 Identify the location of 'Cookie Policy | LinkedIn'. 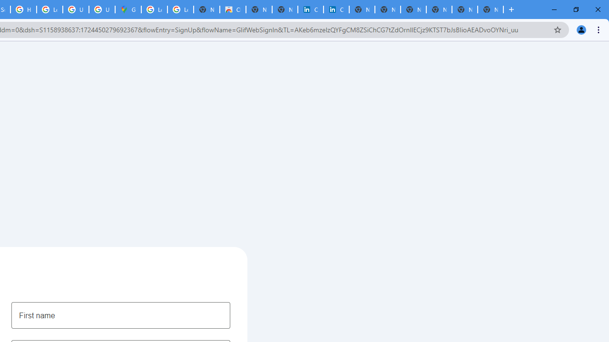
(310, 9).